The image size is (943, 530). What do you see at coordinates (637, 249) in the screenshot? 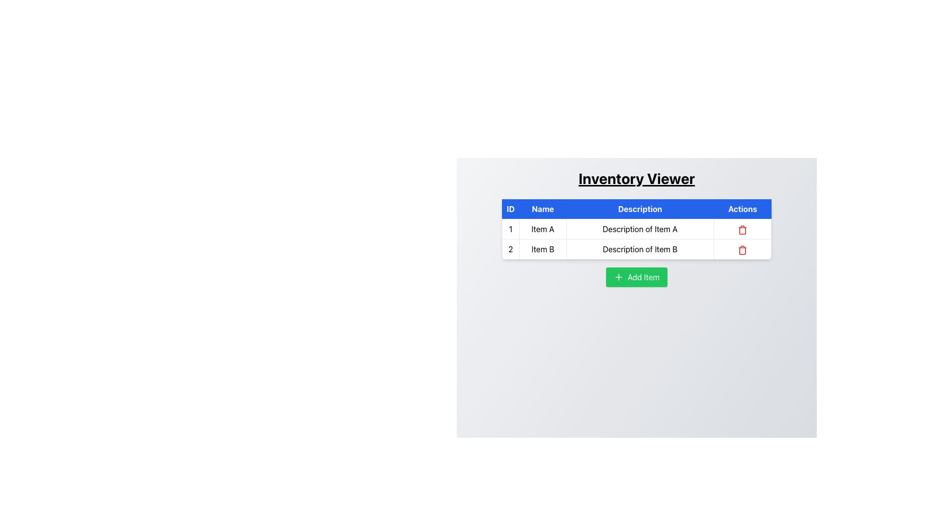
I see `the second row of the table that displays item details for potential actions` at bounding box center [637, 249].